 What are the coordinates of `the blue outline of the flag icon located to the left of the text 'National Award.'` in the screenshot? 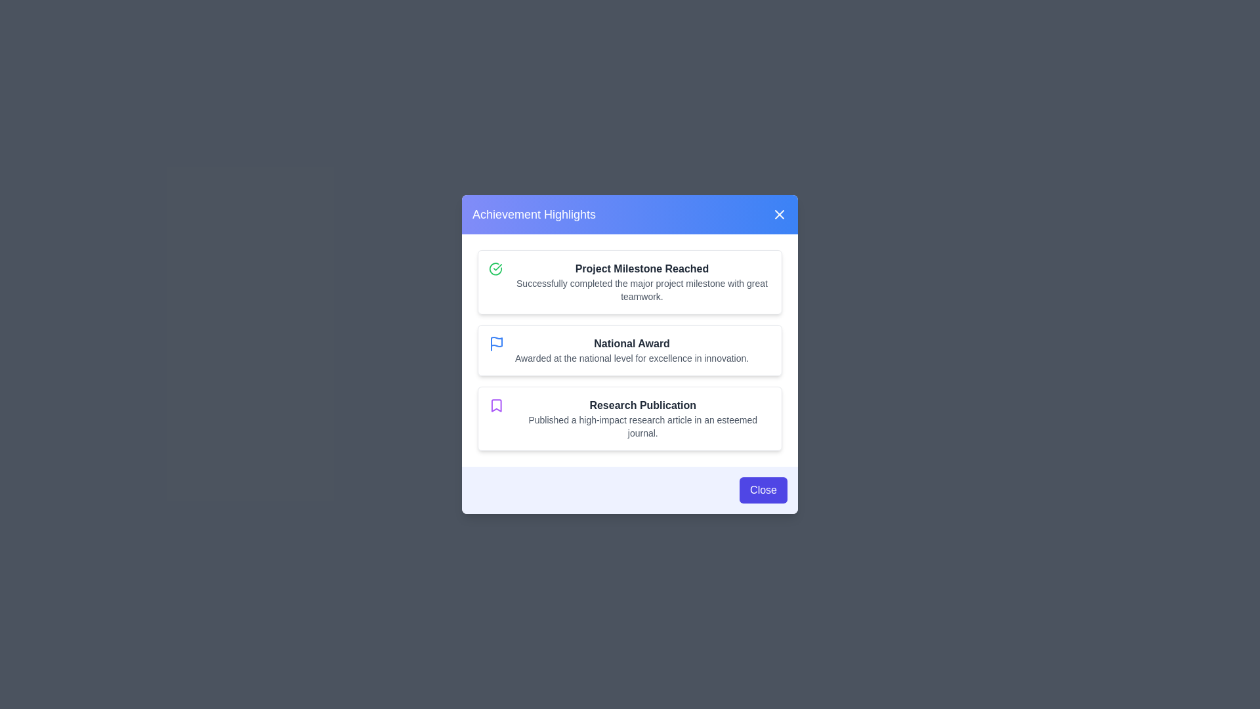 It's located at (496, 343).